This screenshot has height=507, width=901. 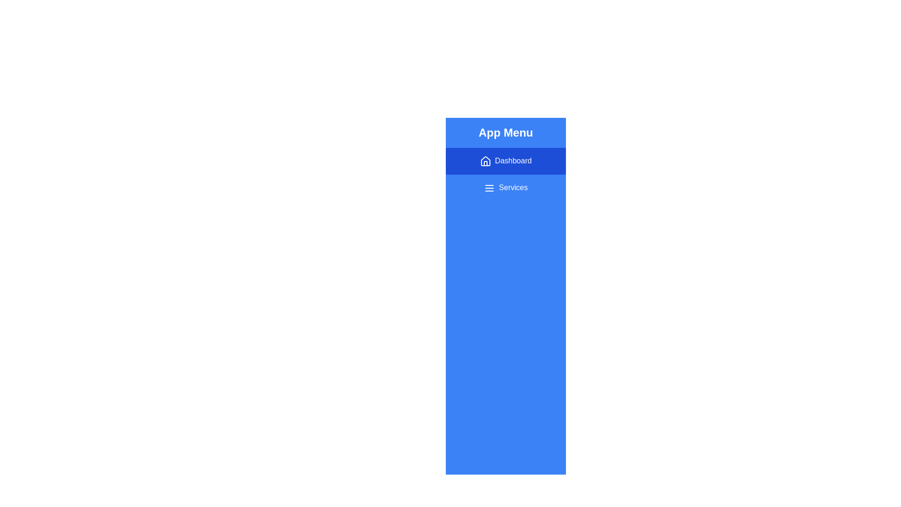 What do you see at coordinates (485, 161) in the screenshot?
I see `the Dashboard icon located on the left-hand navigation panel` at bounding box center [485, 161].